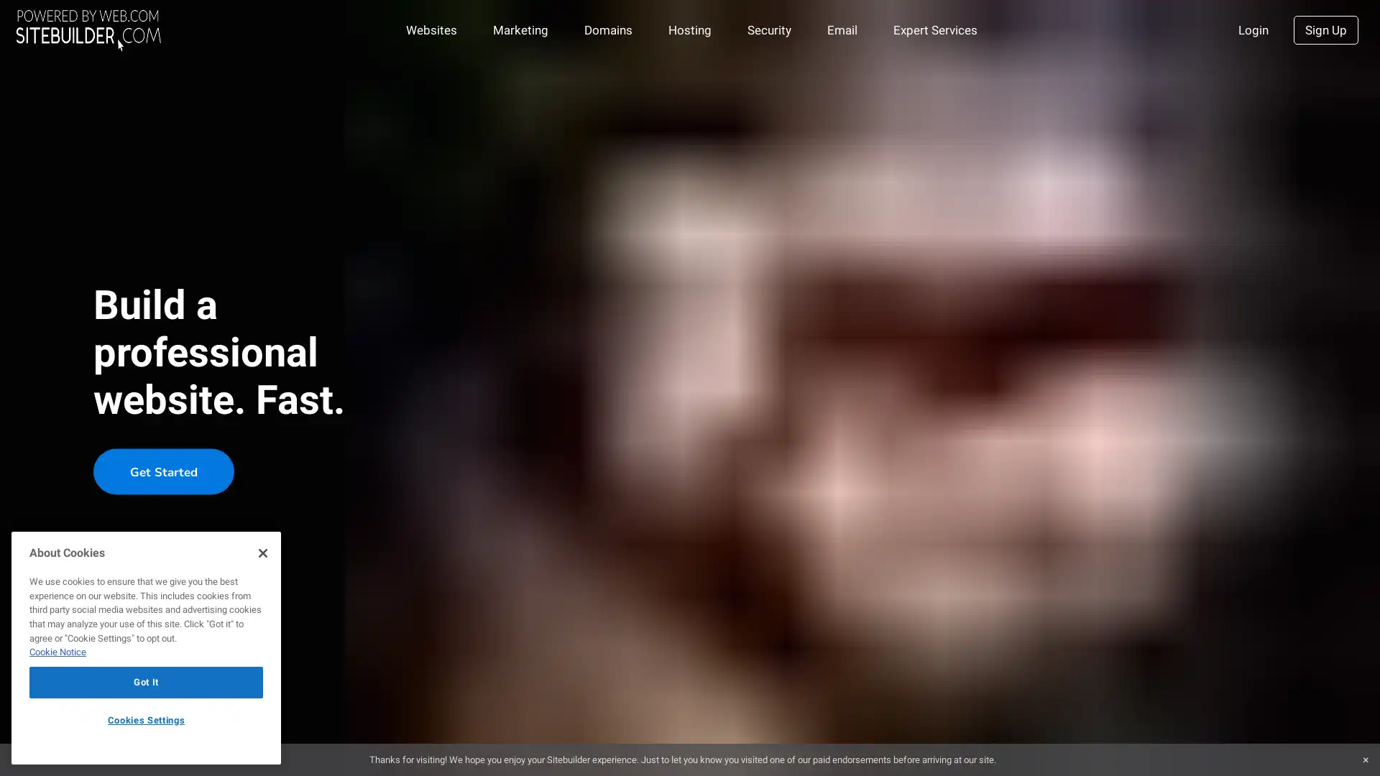 The width and height of the screenshot is (1380, 776). What do you see at coordinates (146, 720) in the screenshot?
I see `Cookies Settings` at bounding box center [146, 720].